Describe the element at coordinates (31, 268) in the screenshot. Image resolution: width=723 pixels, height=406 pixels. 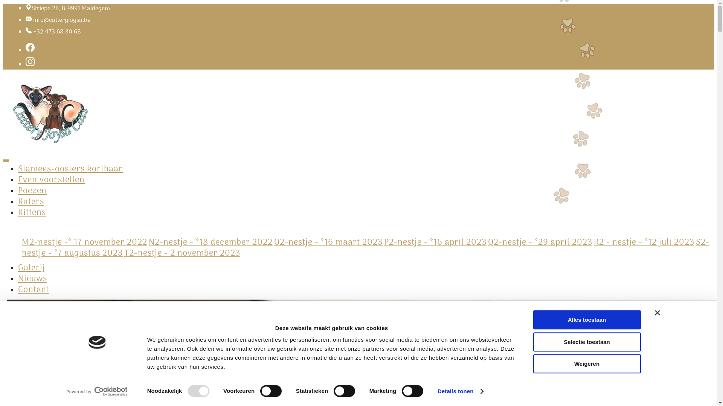
I see `'Galerij'` at that location.